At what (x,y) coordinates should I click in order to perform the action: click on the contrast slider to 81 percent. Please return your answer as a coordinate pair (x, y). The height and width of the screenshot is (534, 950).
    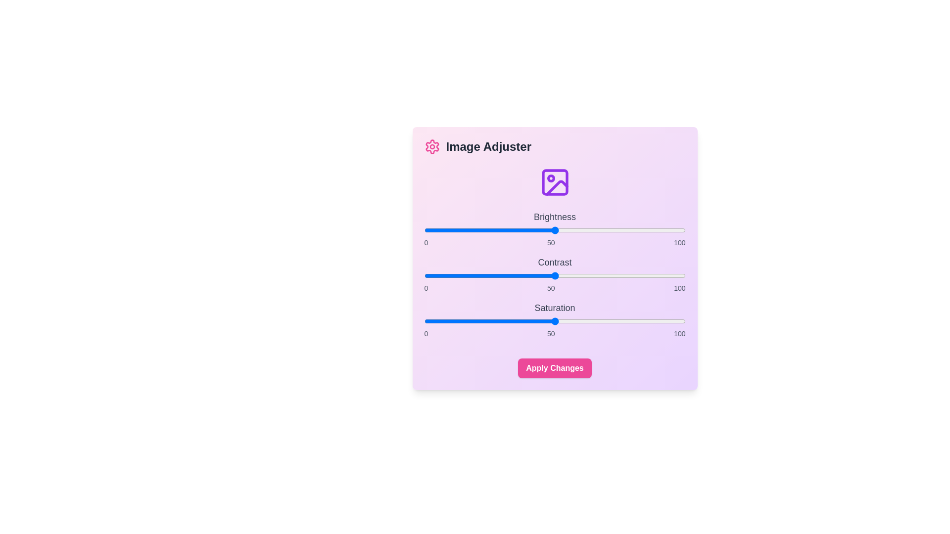
    Looking at the image, I should click on (636, 276).